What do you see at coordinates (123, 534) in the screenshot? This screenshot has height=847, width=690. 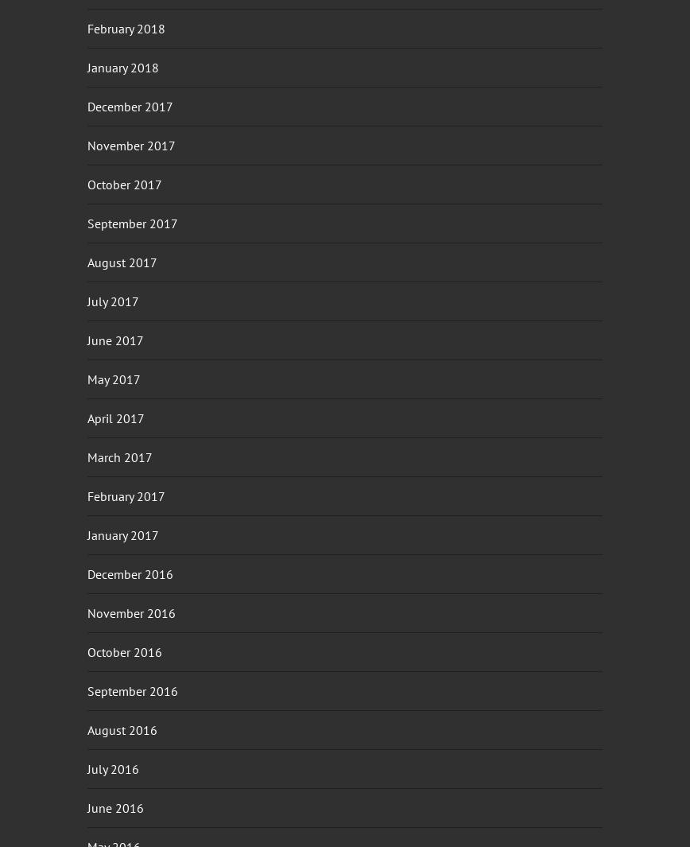 I see `'January 2017'` at bounding box center [123, 534].